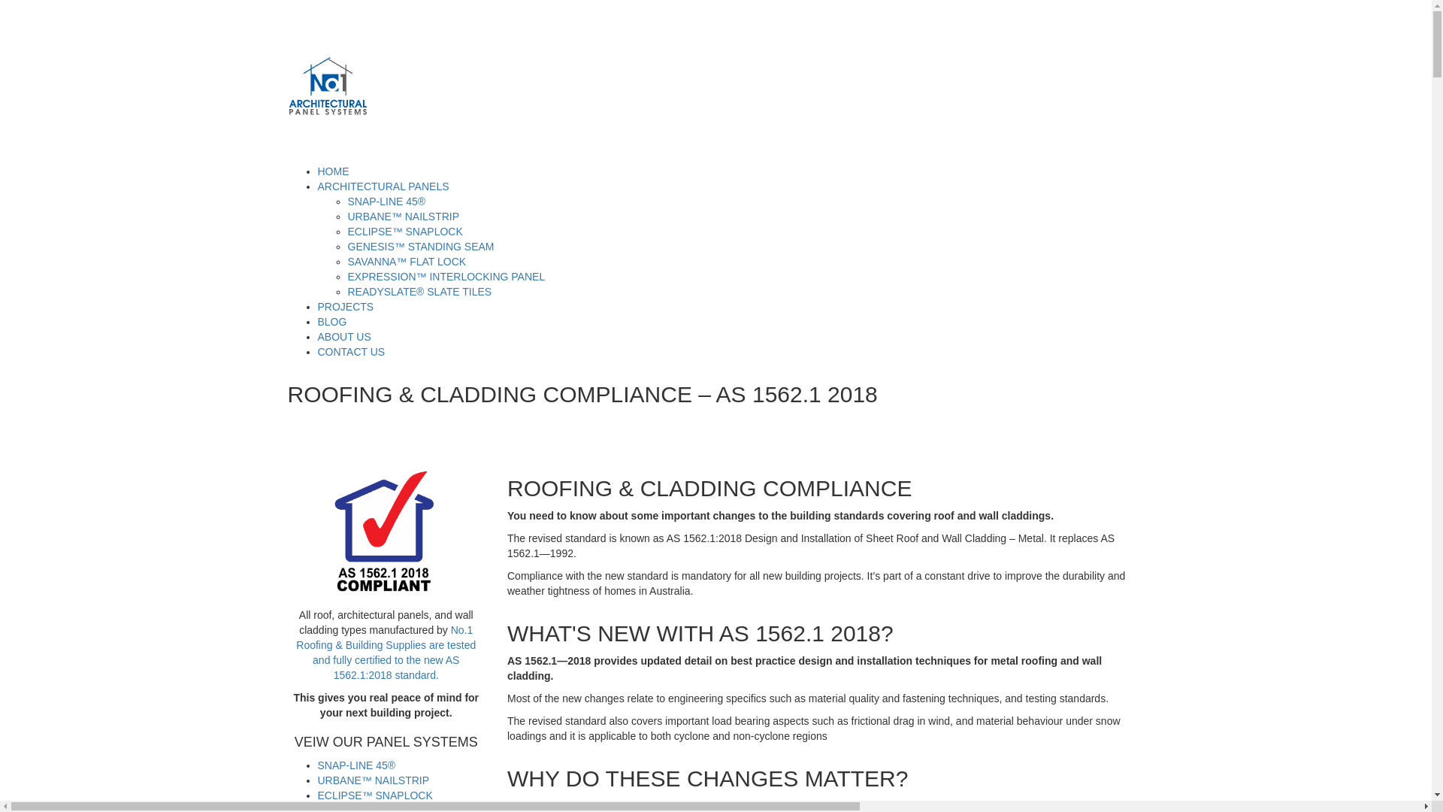 The image size is (1443, 812). Describe the element at coordinates (343, 335) in the screenshot. I see `'ABOUT US'` at that location.